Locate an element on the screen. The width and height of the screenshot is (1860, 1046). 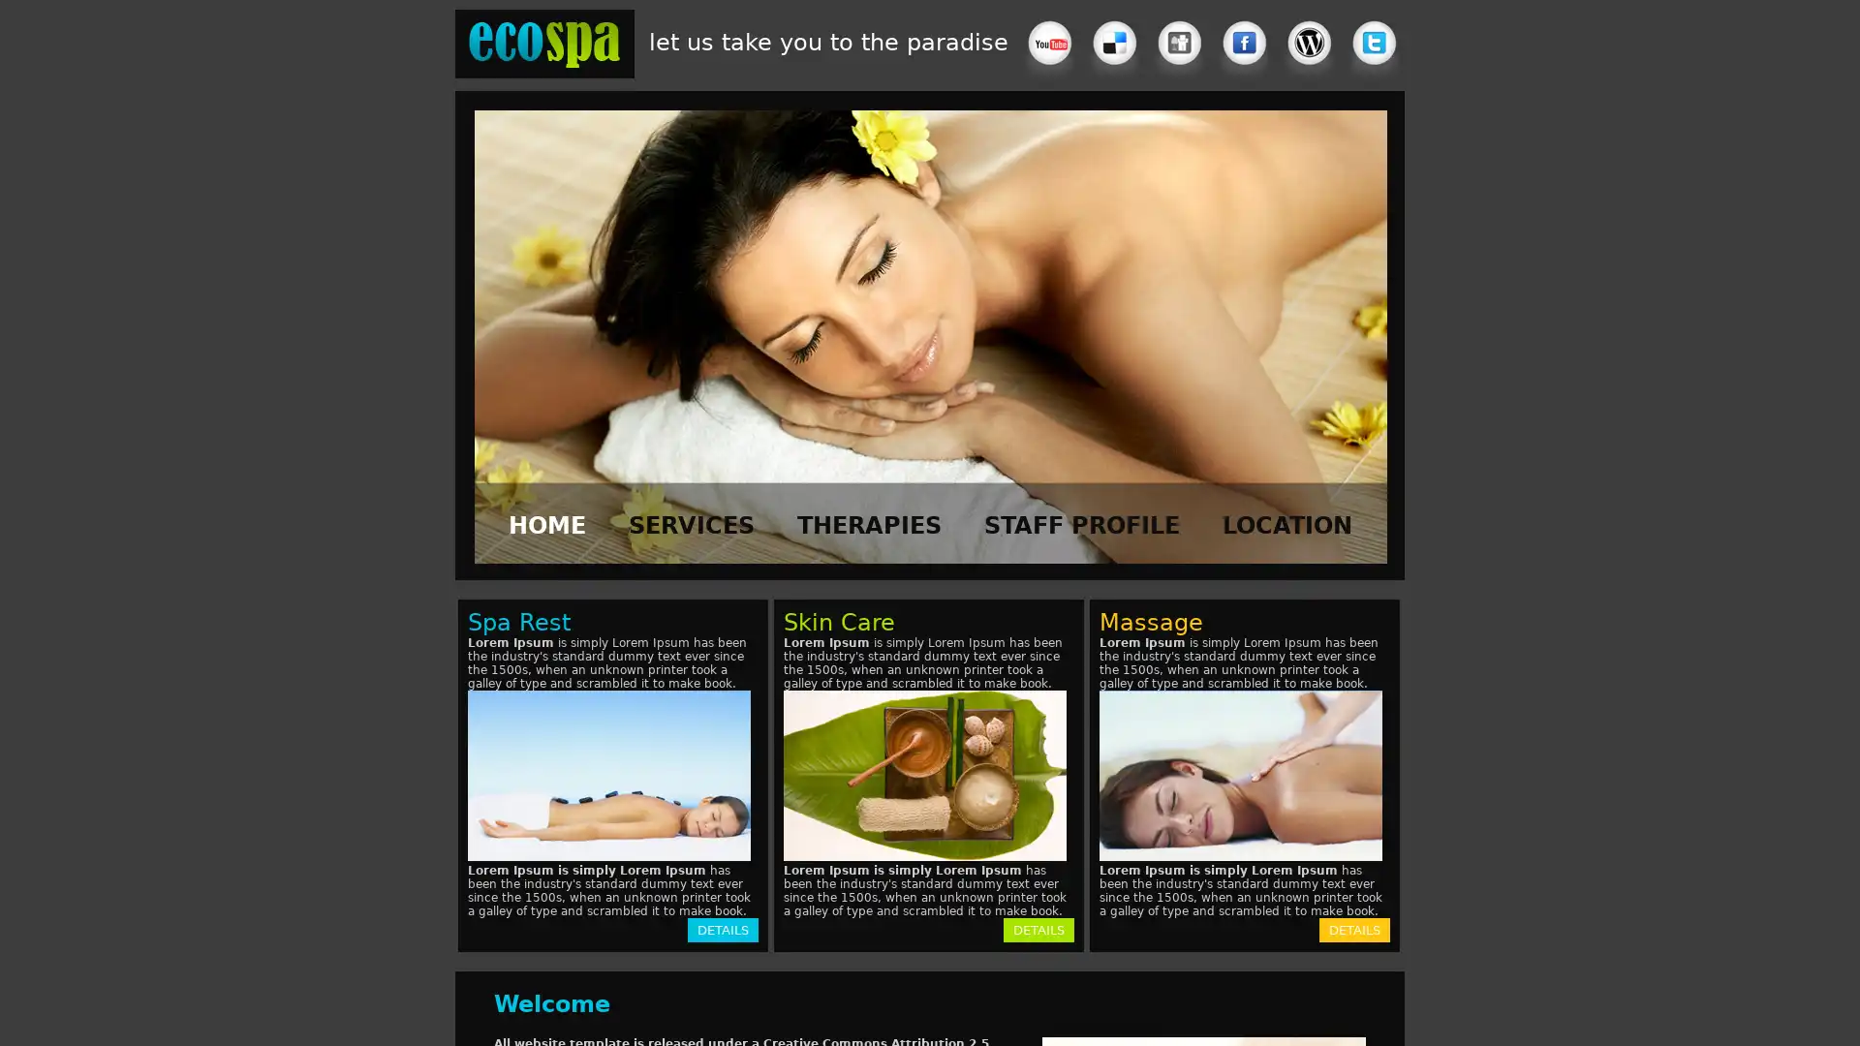
DETAILS is located at coordinates (1038, 929).